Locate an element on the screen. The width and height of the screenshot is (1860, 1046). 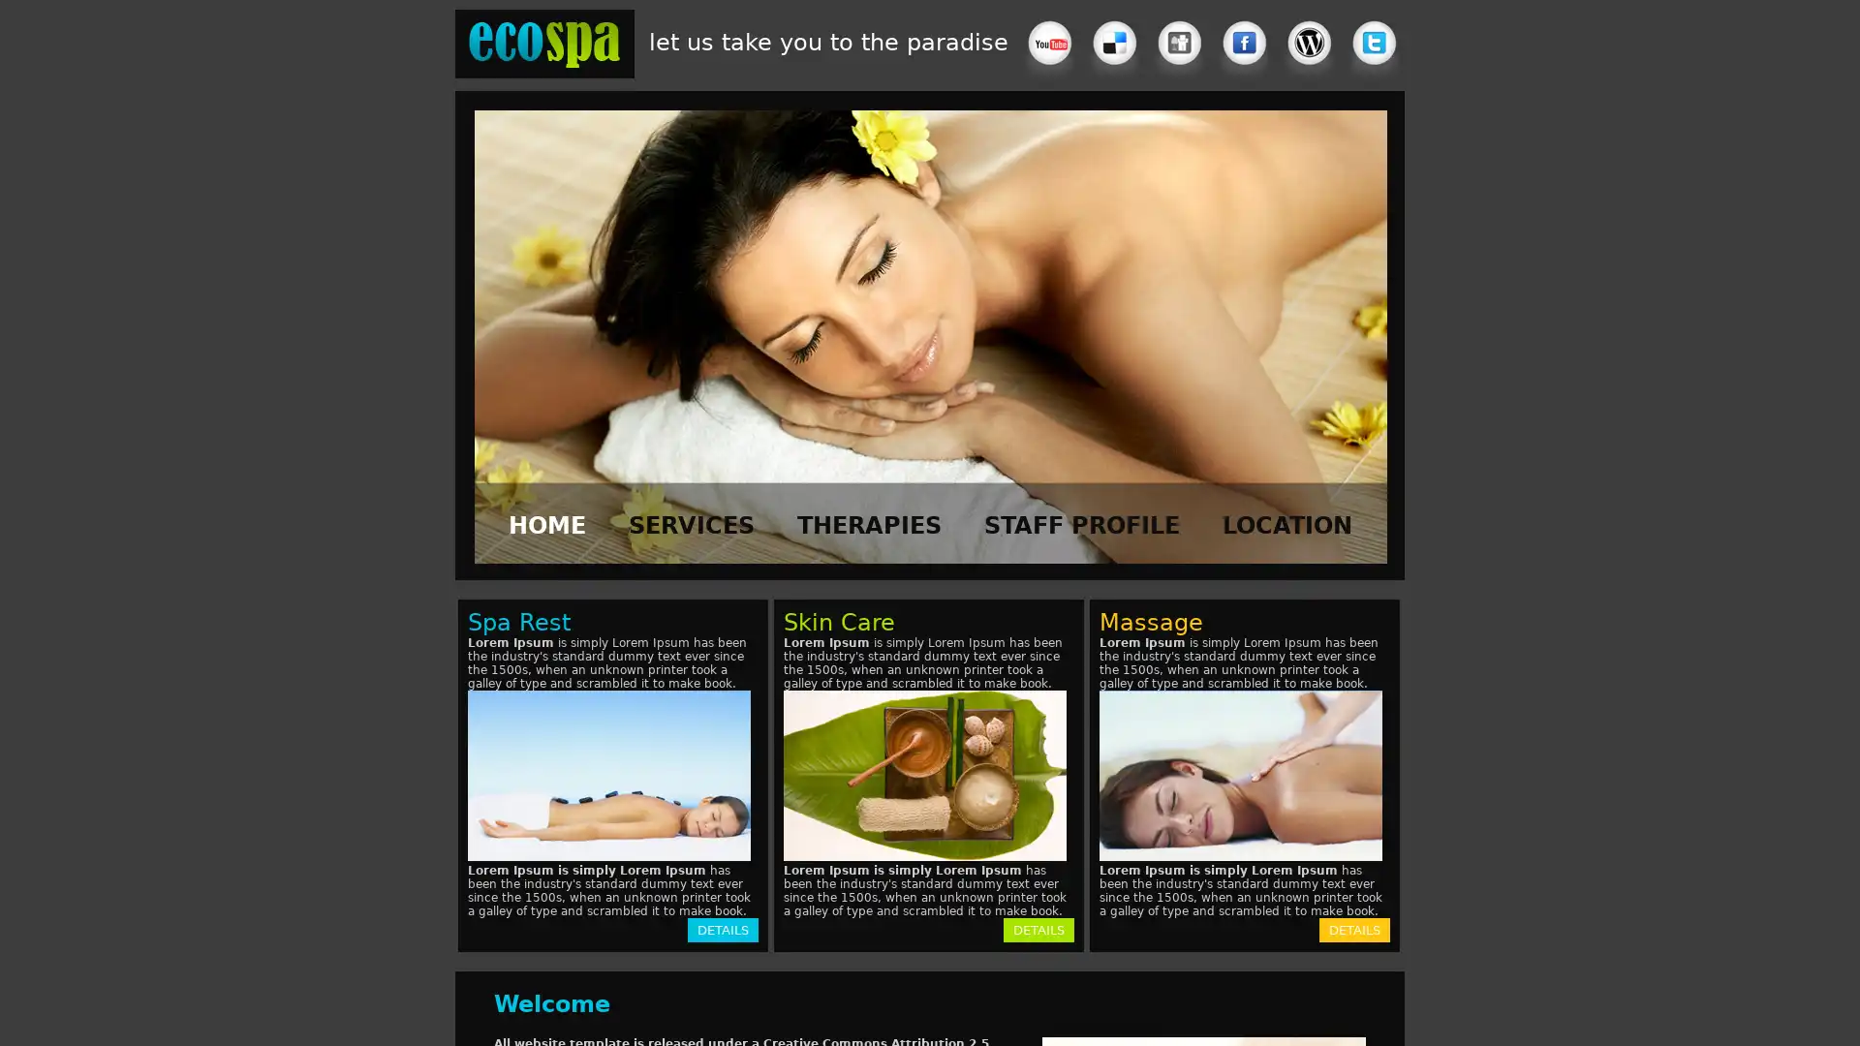
DETAILS is located at coordinates (1038, 929).